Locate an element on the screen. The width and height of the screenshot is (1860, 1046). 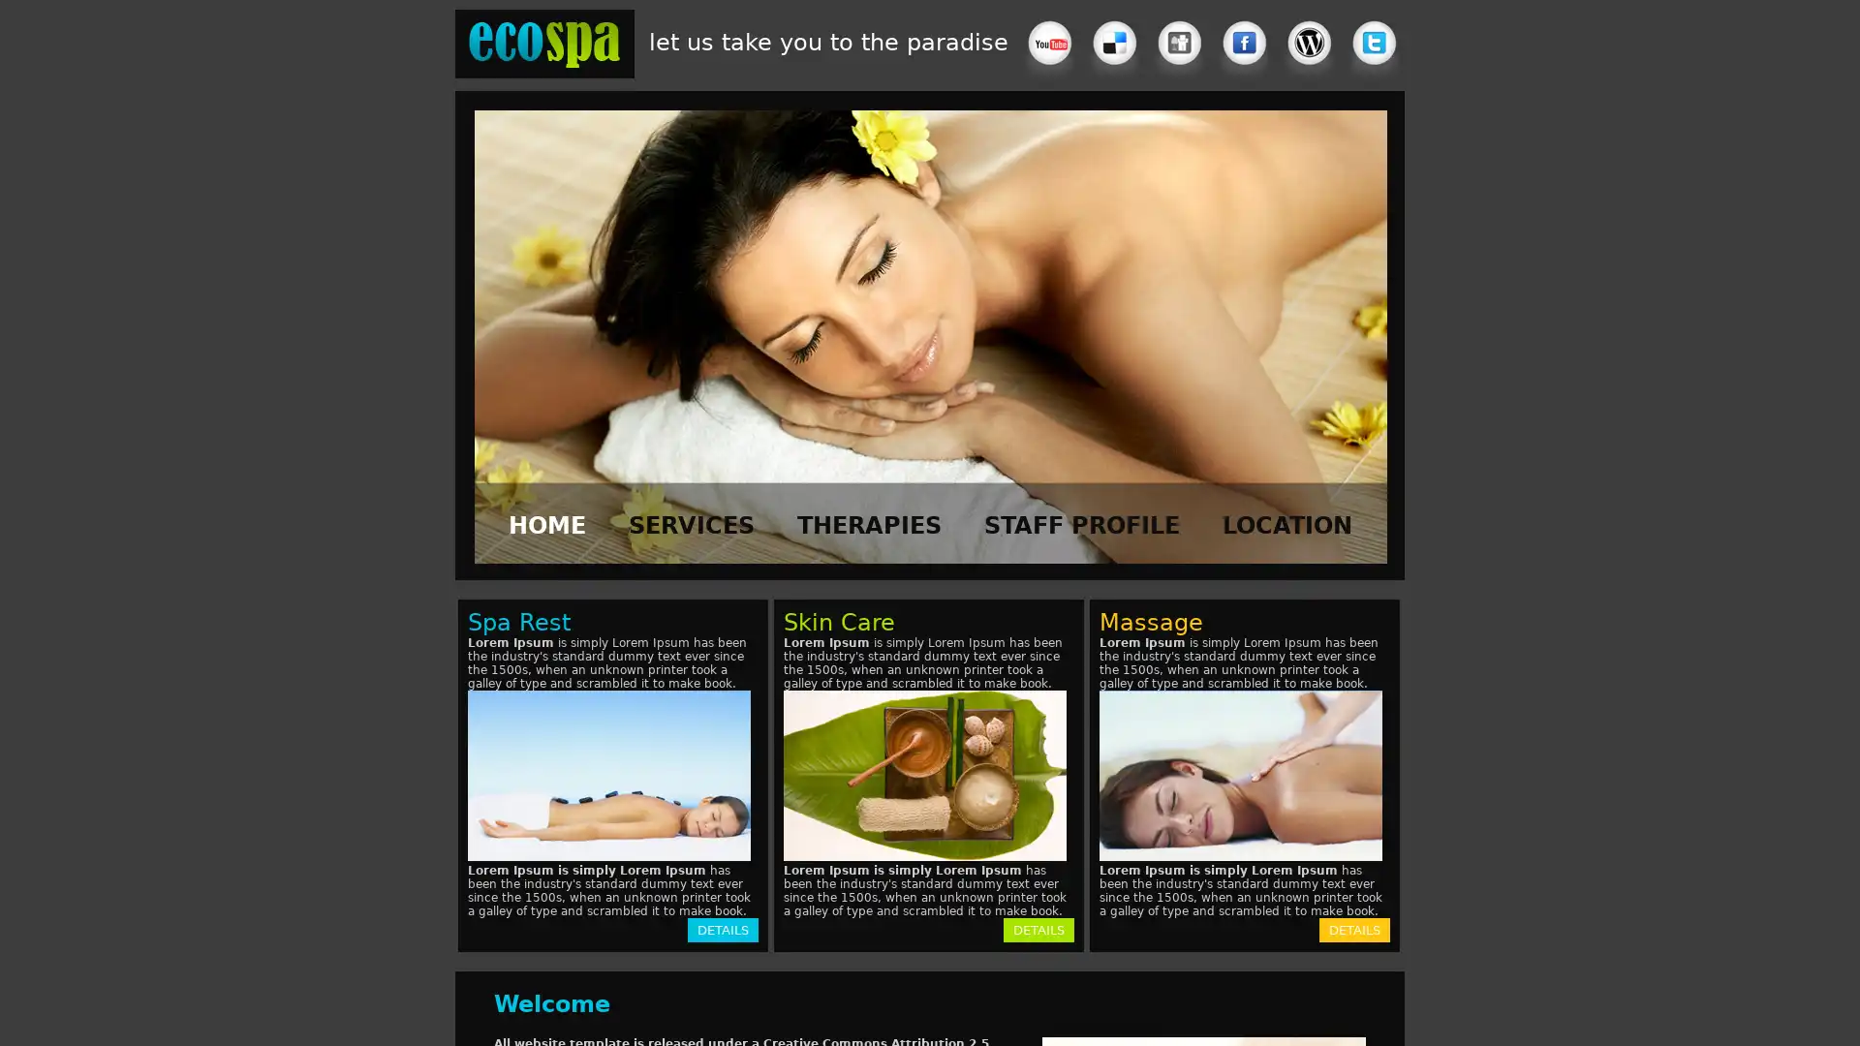
DETAILS is located at coordinates (1038, 929).